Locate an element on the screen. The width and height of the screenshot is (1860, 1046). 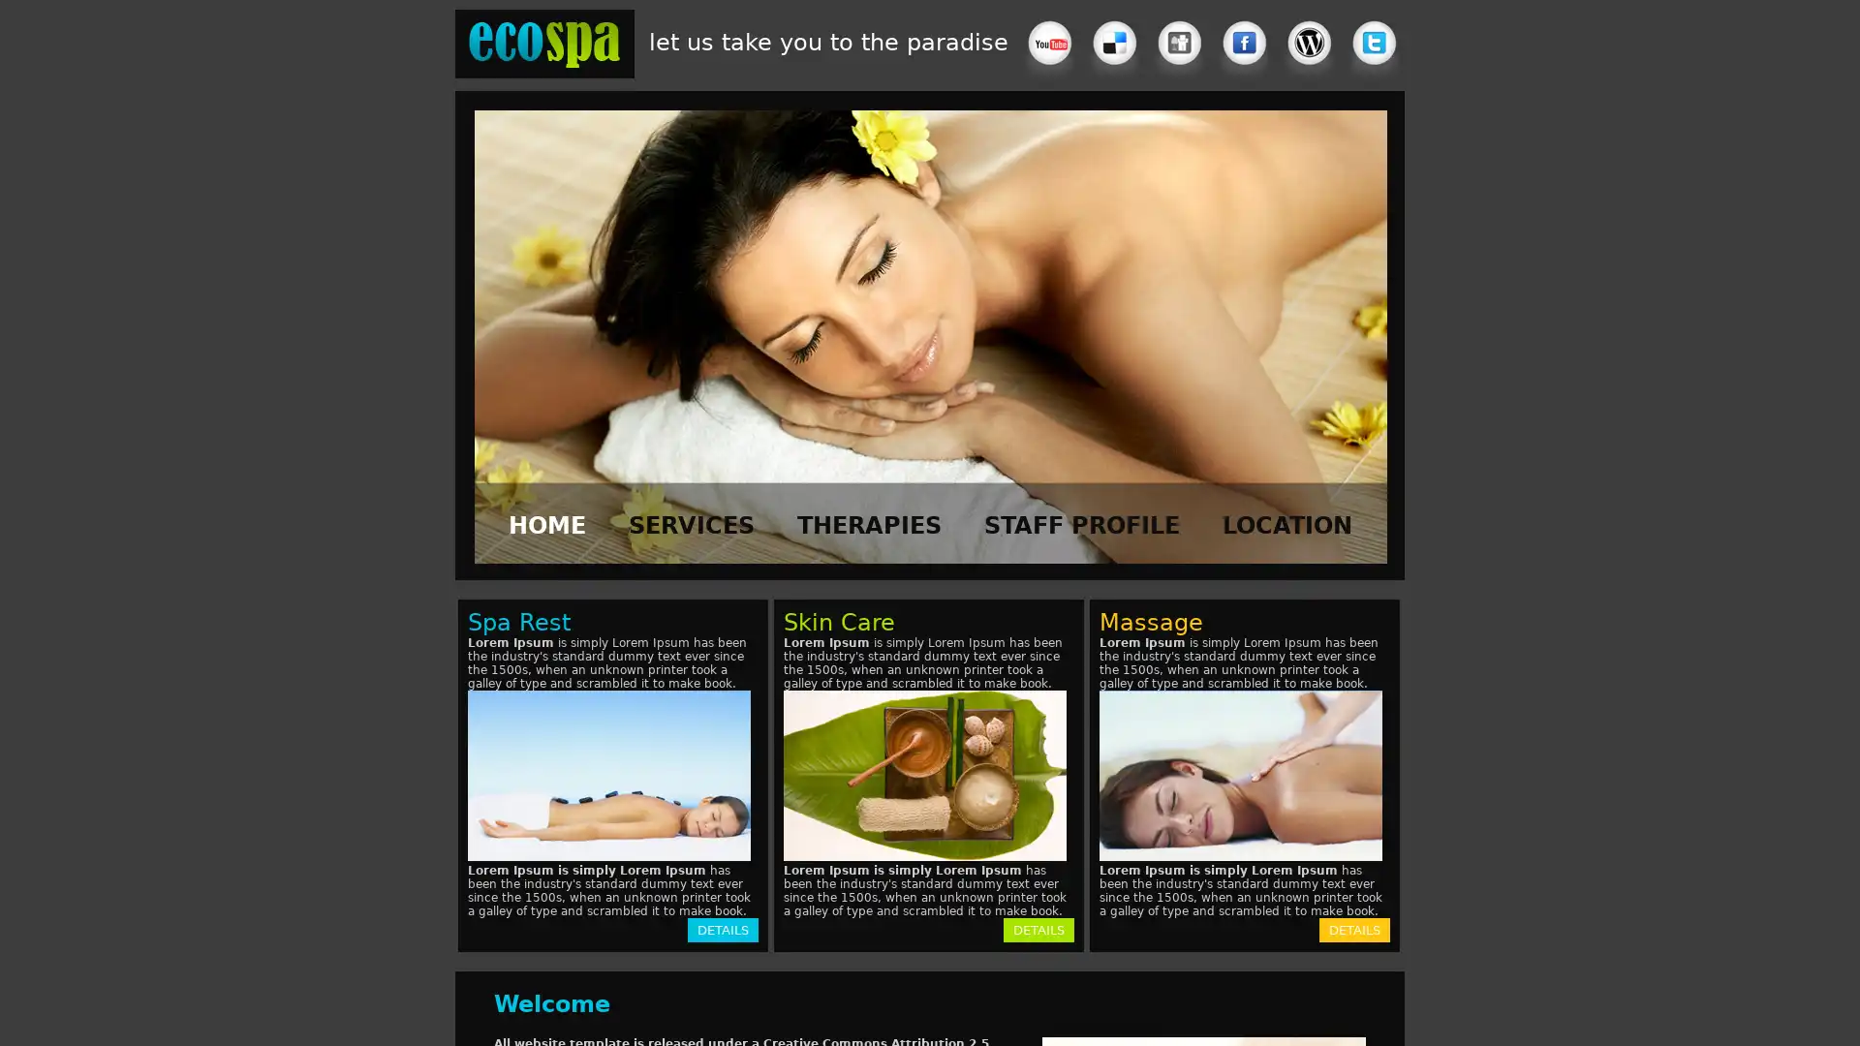
DETAILS is located at coordinates (1038, 929).